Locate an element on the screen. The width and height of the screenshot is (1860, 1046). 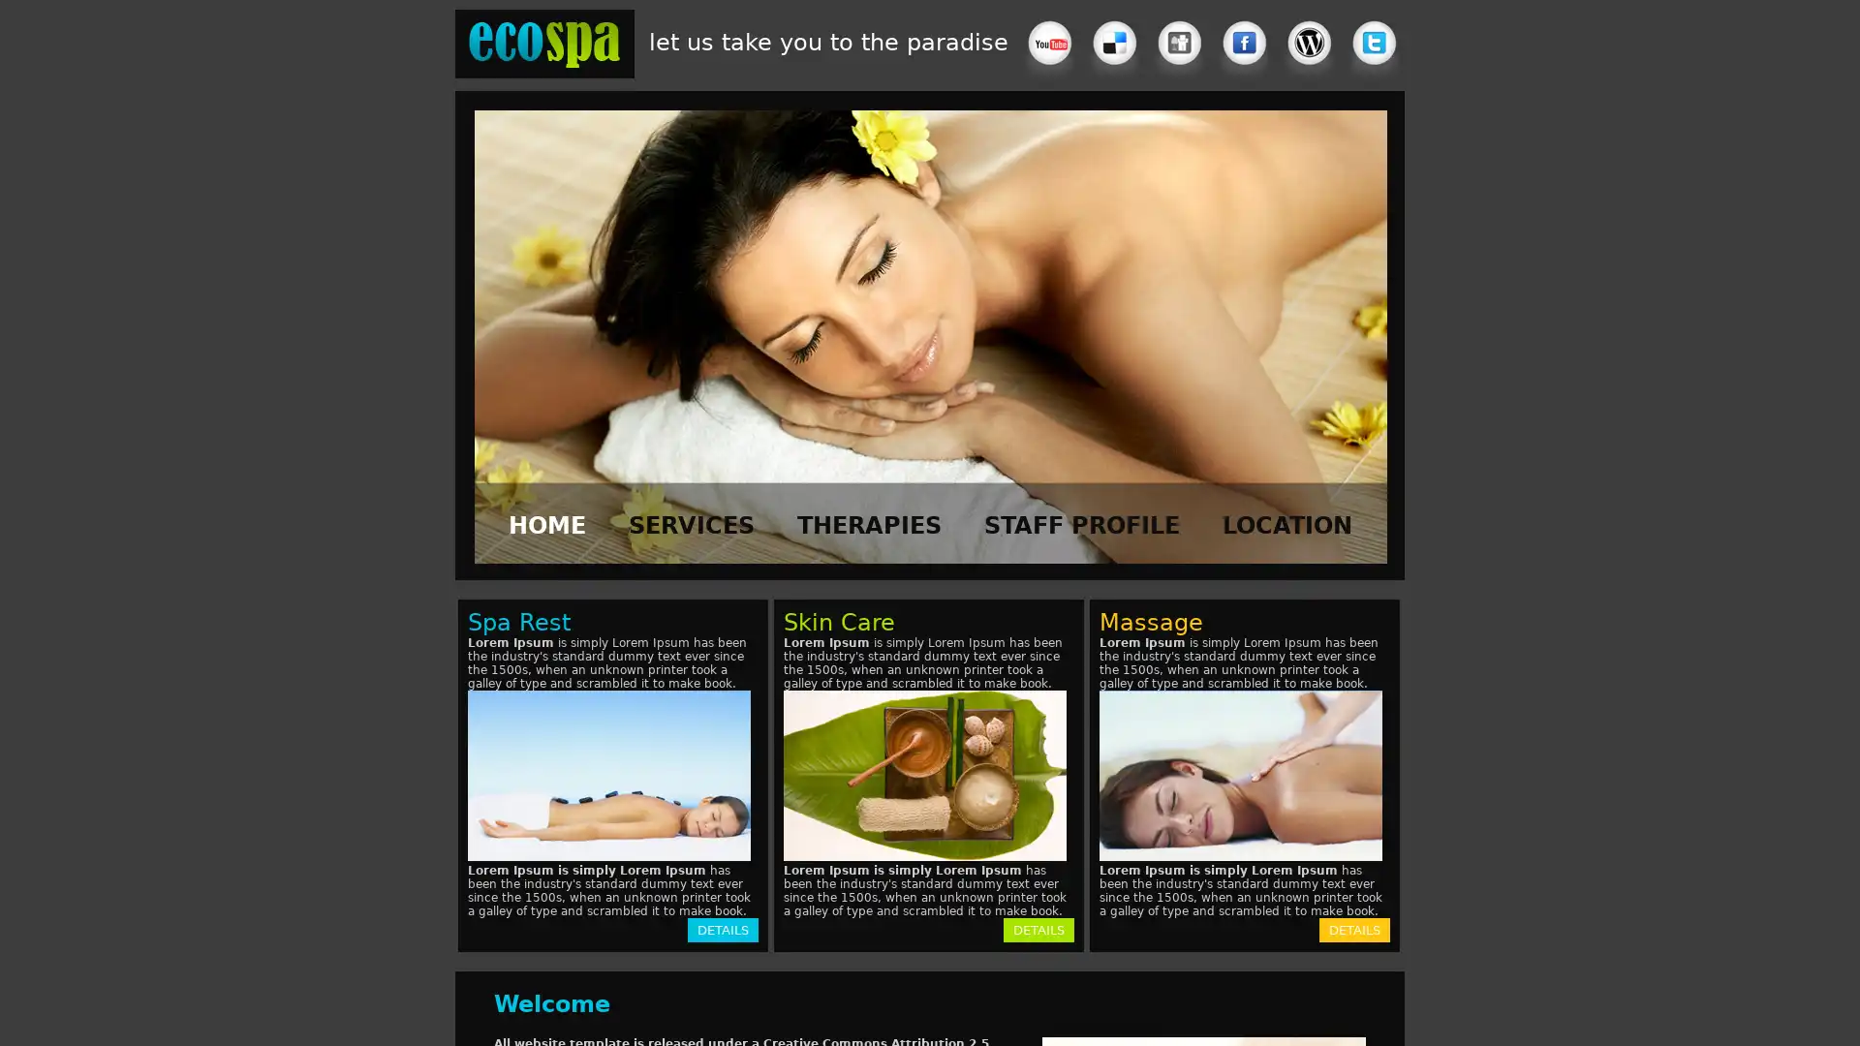
DETAILS is located at coordinates (1038, 929).